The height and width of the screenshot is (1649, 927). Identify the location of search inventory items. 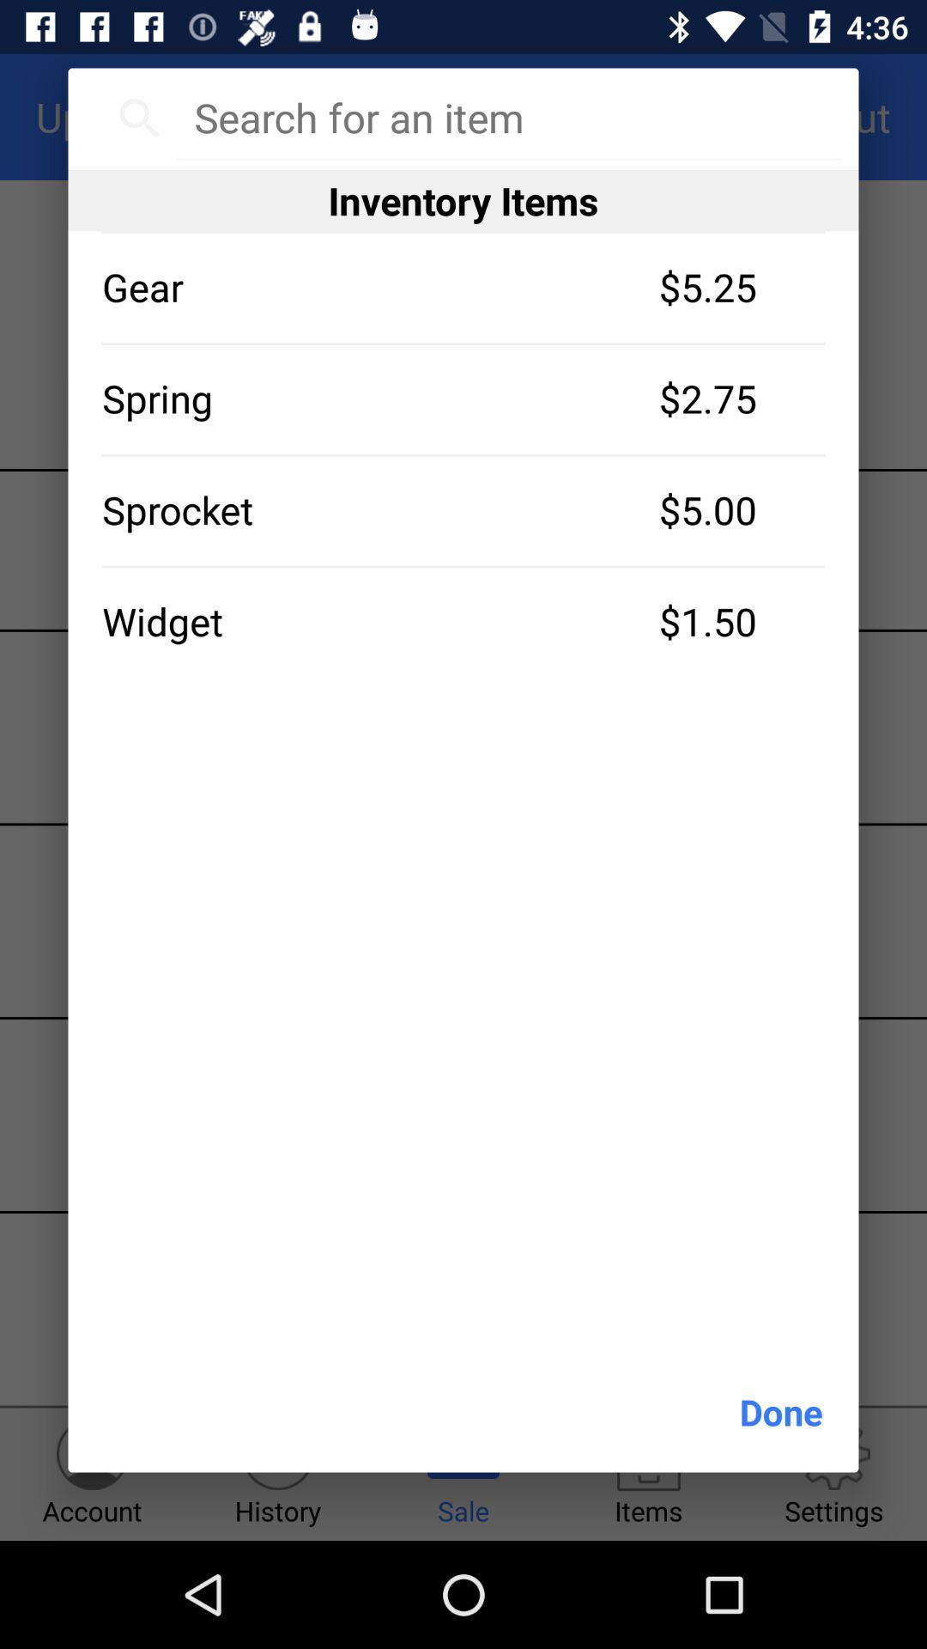
(507, 117).